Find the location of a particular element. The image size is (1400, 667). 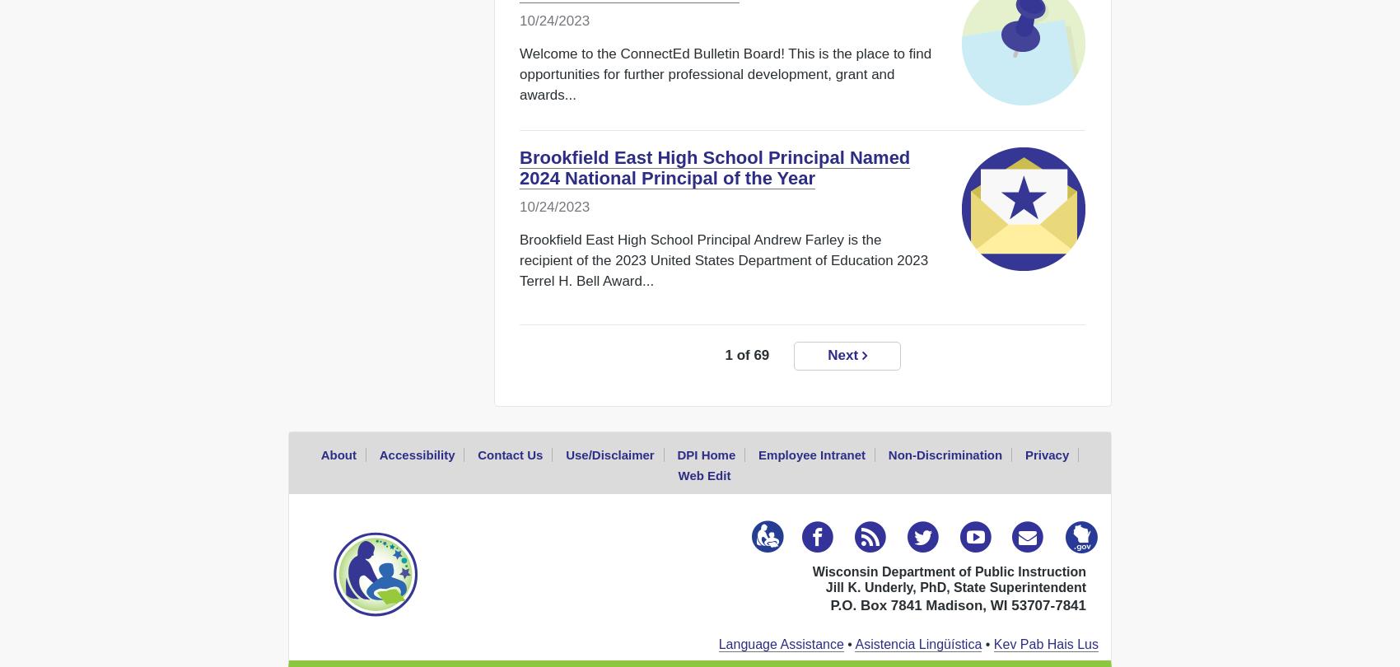

'1 of 69' is located at coordinates (746, 355).